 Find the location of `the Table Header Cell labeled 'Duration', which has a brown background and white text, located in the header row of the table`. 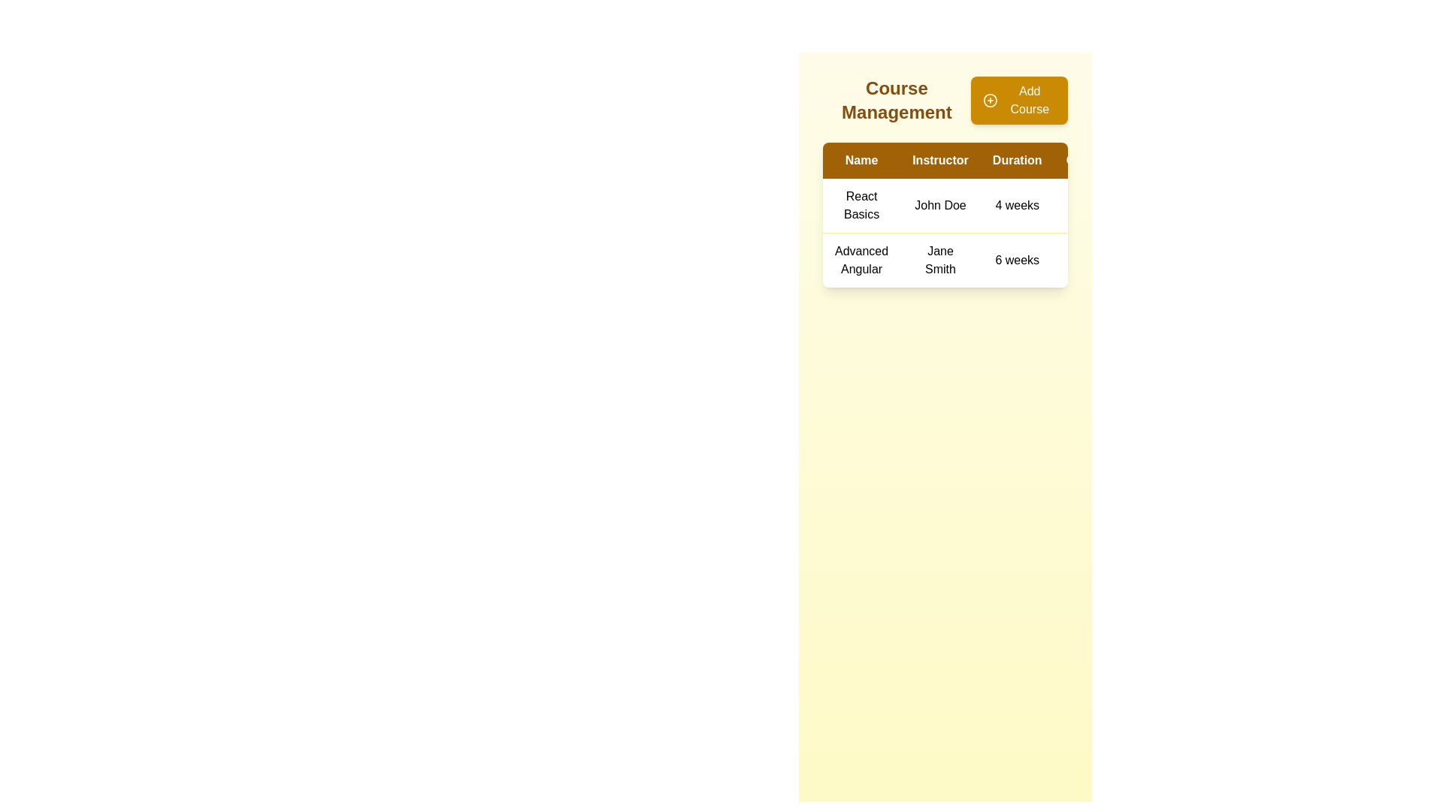

the Table Header Cell labeled 'Duration', which has a brown background and white text, located in the header row of the table is located at coordinates (1017, 160).